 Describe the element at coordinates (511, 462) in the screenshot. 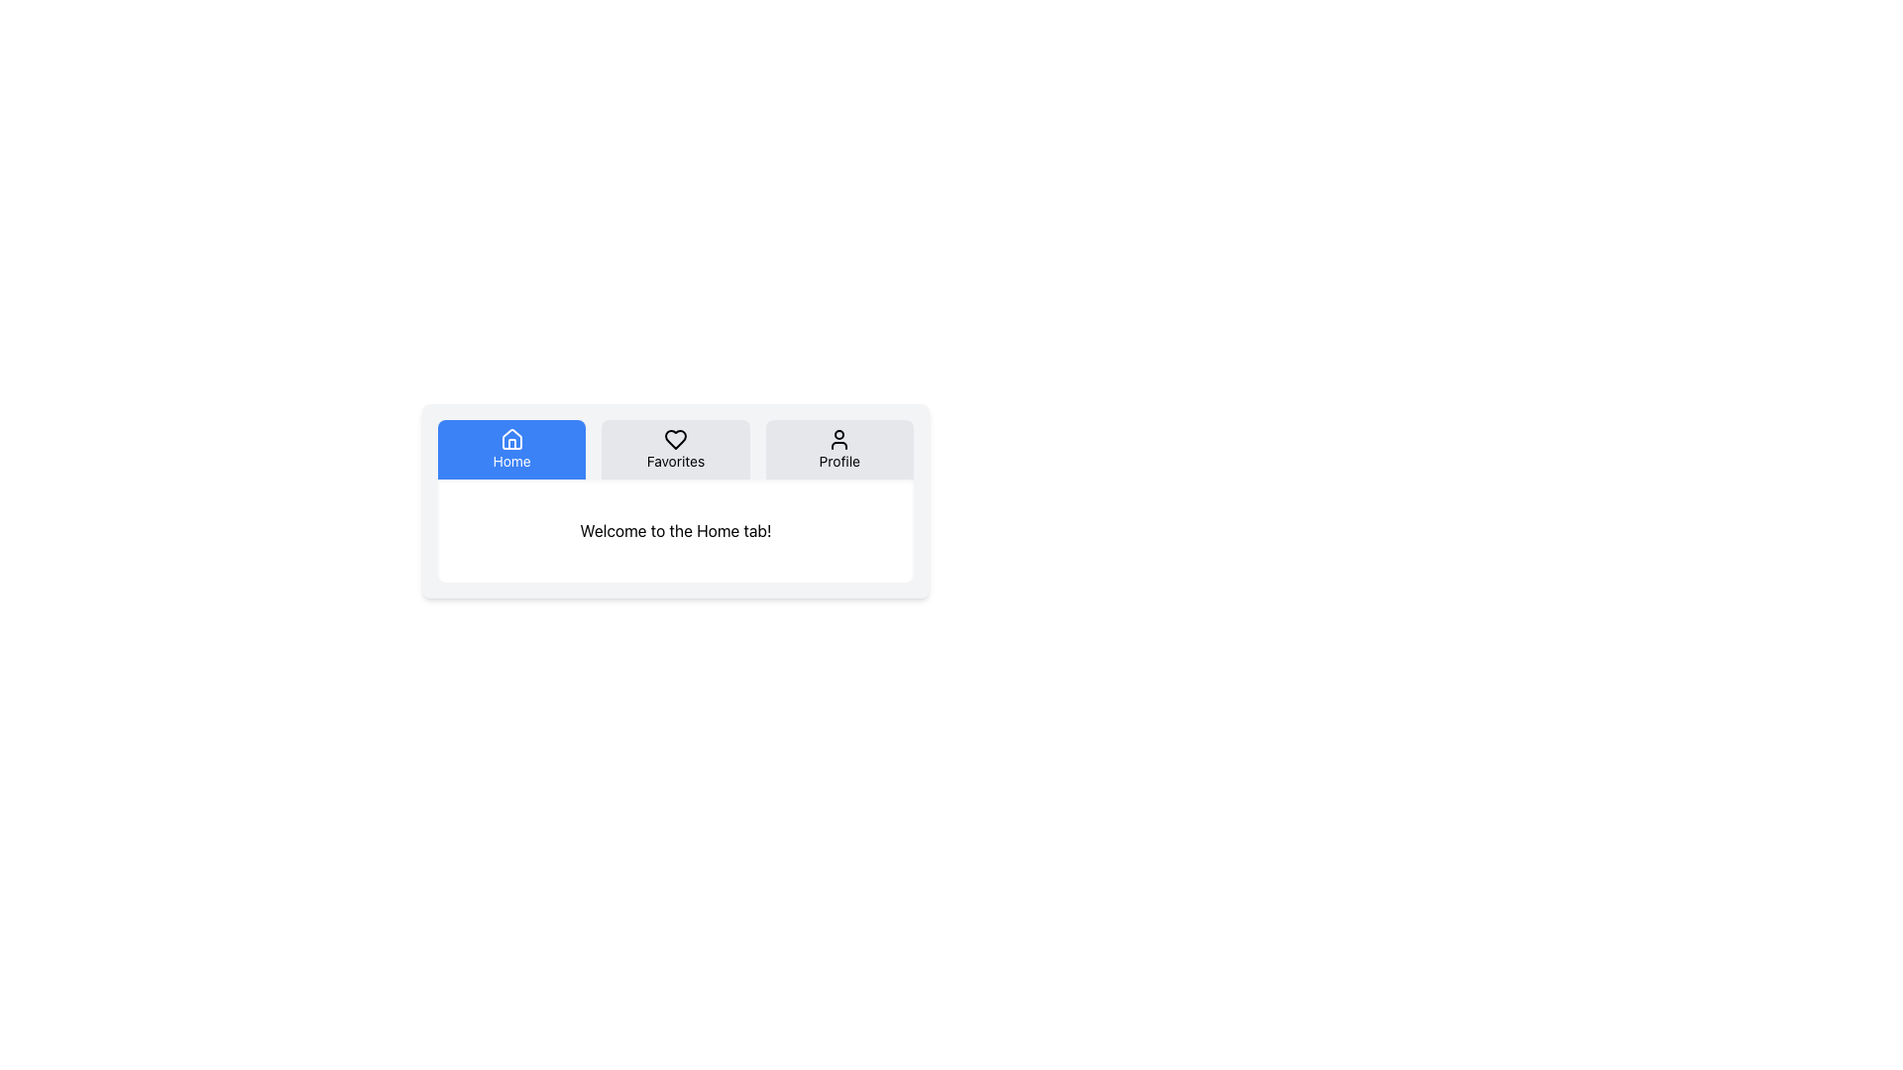

I see `the 'Home' text label element, which is styled in a small font size with white text on a blue background and is located in the leftmost tab of a horizontal tab group` at that location.